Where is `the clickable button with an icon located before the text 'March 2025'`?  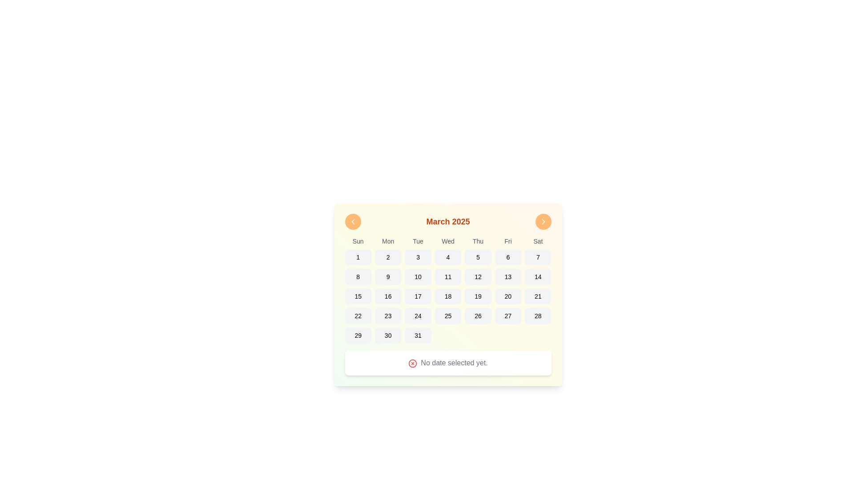
the clickable button with an icon located before the text 'March 2025' is located at coordinates (352, 221).